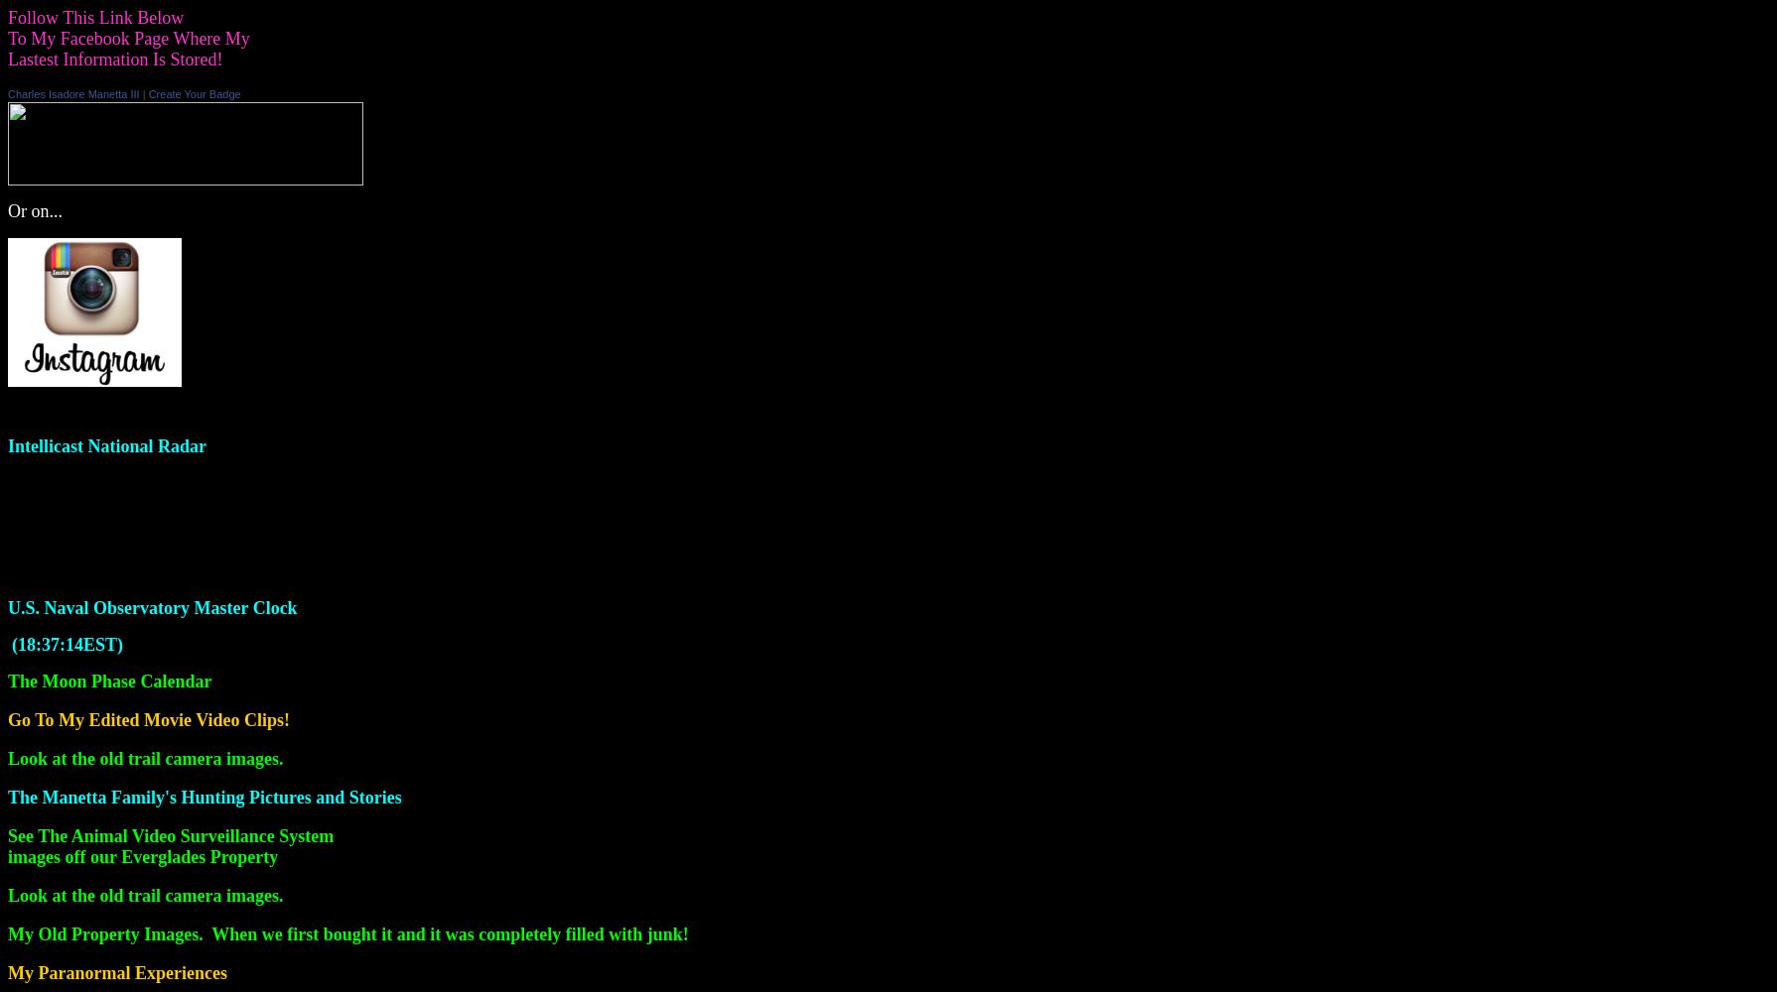  What do you see at coordinates (11, 645) in the screenshot?
I see `'('` at bounding box center [11, 645].